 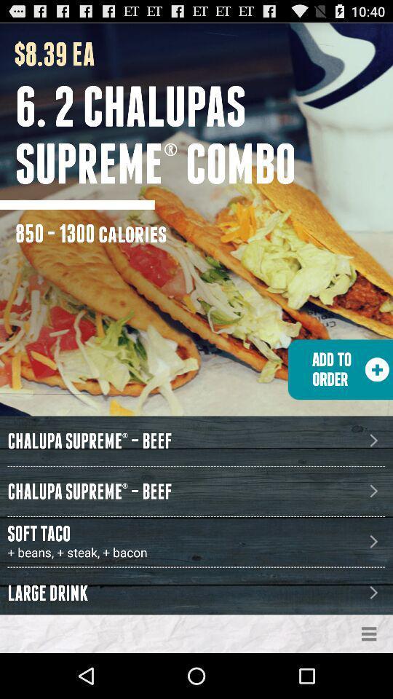 What do you see at coordinates (47, 54) in the screenshot?
I see `the icon above 6 2 chalupas` at bounding box center [47, 54].